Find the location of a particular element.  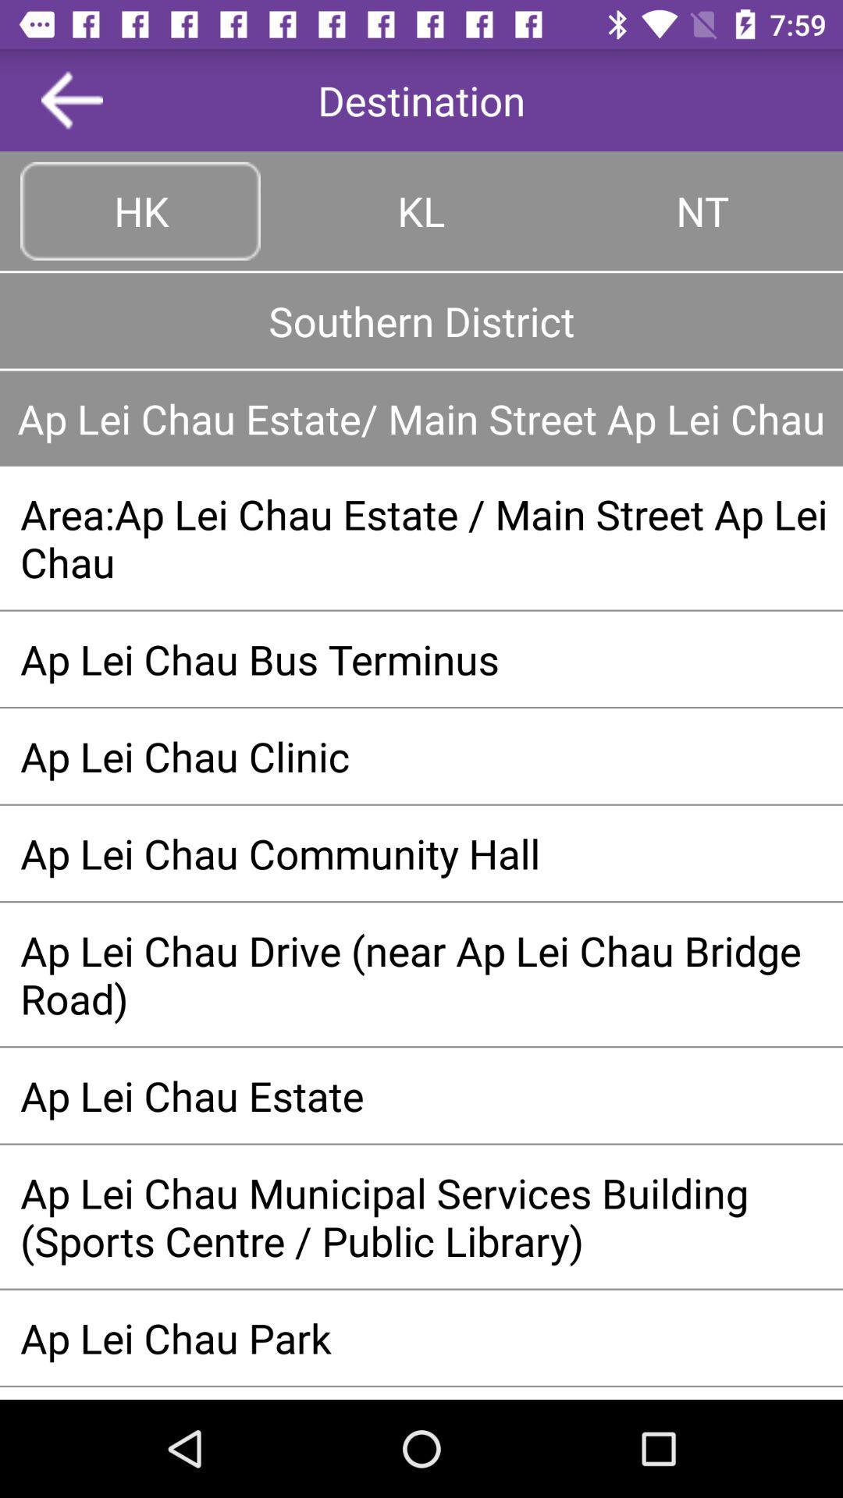

the area ap lei is located at coordinates (421, 538).